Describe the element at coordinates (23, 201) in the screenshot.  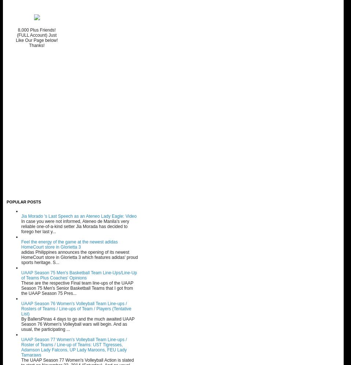
I see `'Popular Posts'` at that location.